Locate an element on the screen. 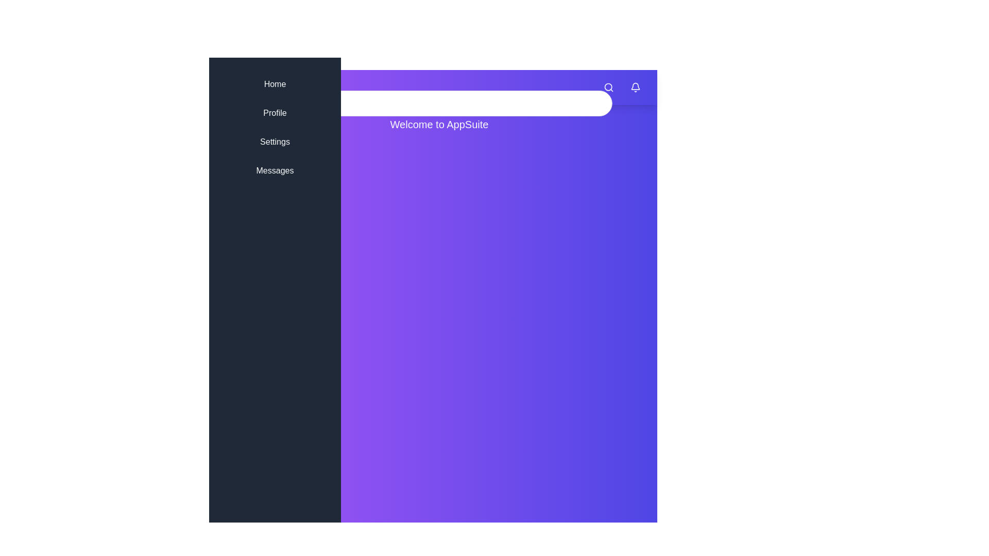 The image size is (989, 556). the search input field to focus it is located at coordinates (439, 103).